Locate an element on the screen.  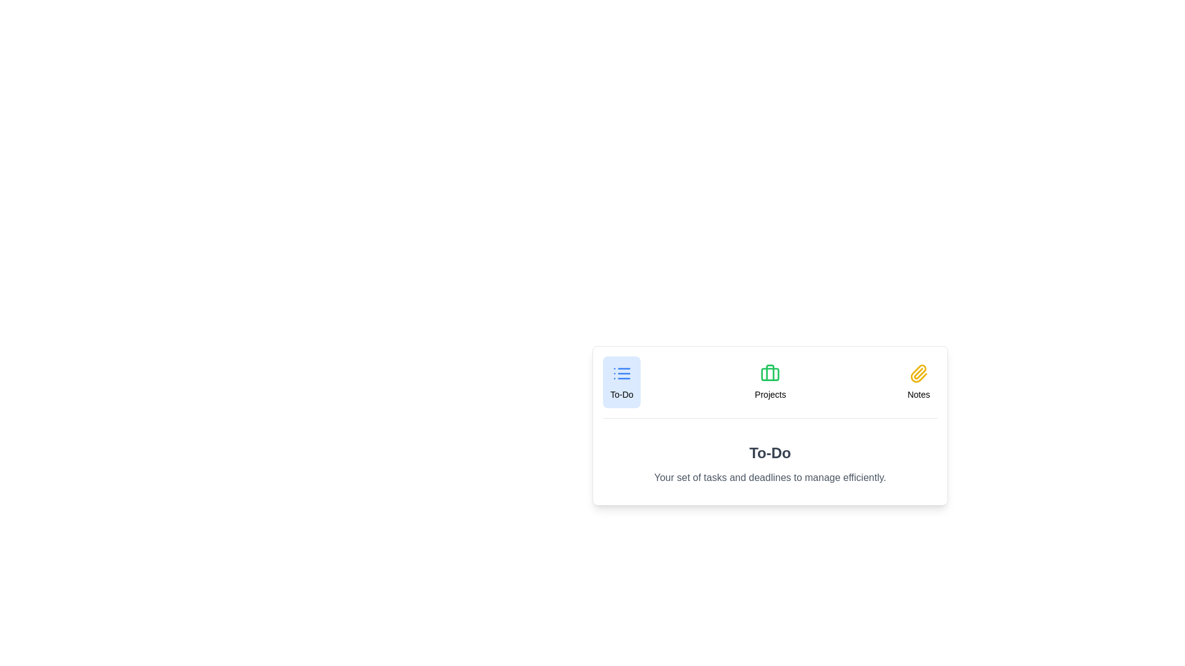
the Projects tab by clicking on its button is located at coordinates (770, 382).